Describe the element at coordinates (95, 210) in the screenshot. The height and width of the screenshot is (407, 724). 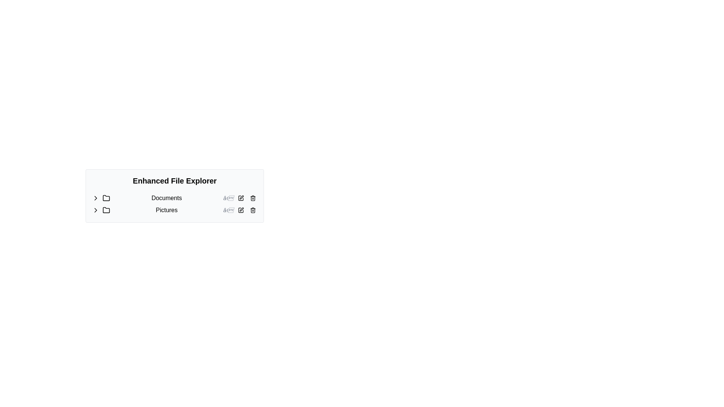
I see `the Chevron icon located to the left of the 'Pictures' label` at that location.